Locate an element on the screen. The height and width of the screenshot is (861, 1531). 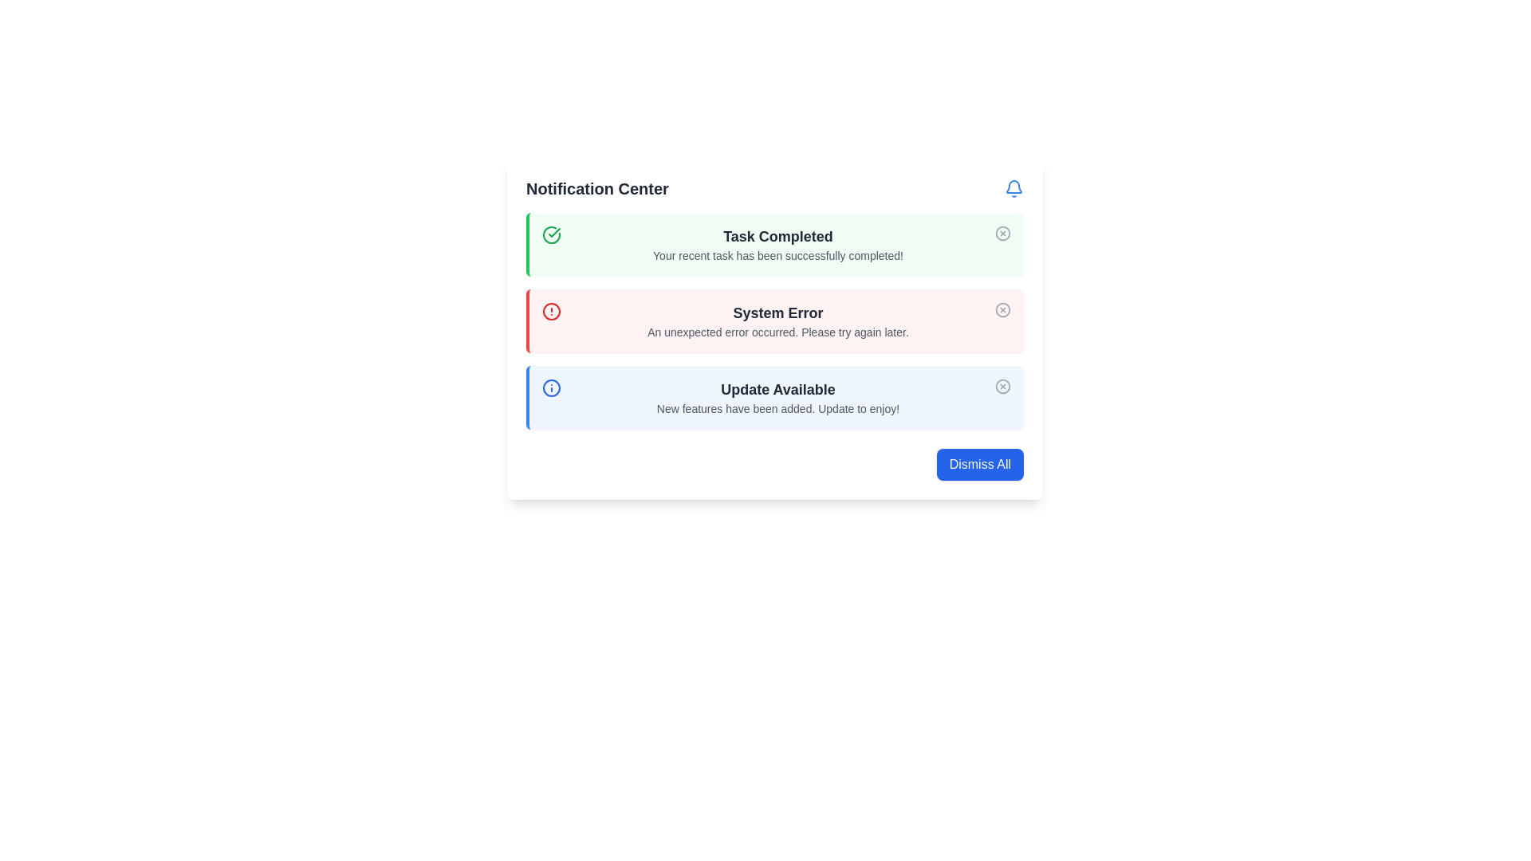
the informational text block in the Notification Center that indicates successful task completion, positioned centrally to the right of a green checkmark icon is located at coordinates (777, 245).